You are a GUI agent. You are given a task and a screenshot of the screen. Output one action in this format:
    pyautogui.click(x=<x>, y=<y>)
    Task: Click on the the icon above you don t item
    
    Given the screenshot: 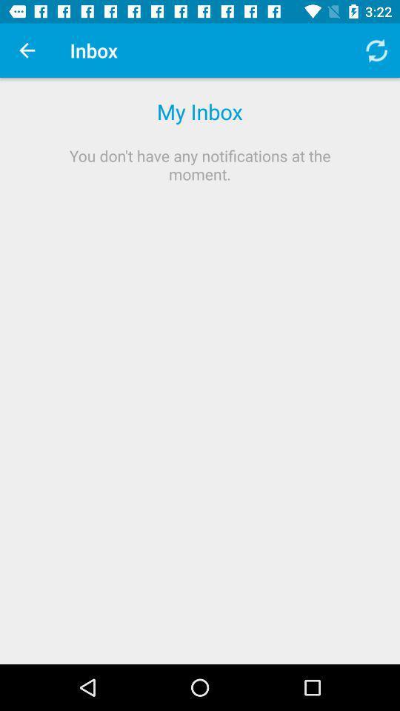 What is the action you would take?
    pyautogui.click(x=376, y=50)
    